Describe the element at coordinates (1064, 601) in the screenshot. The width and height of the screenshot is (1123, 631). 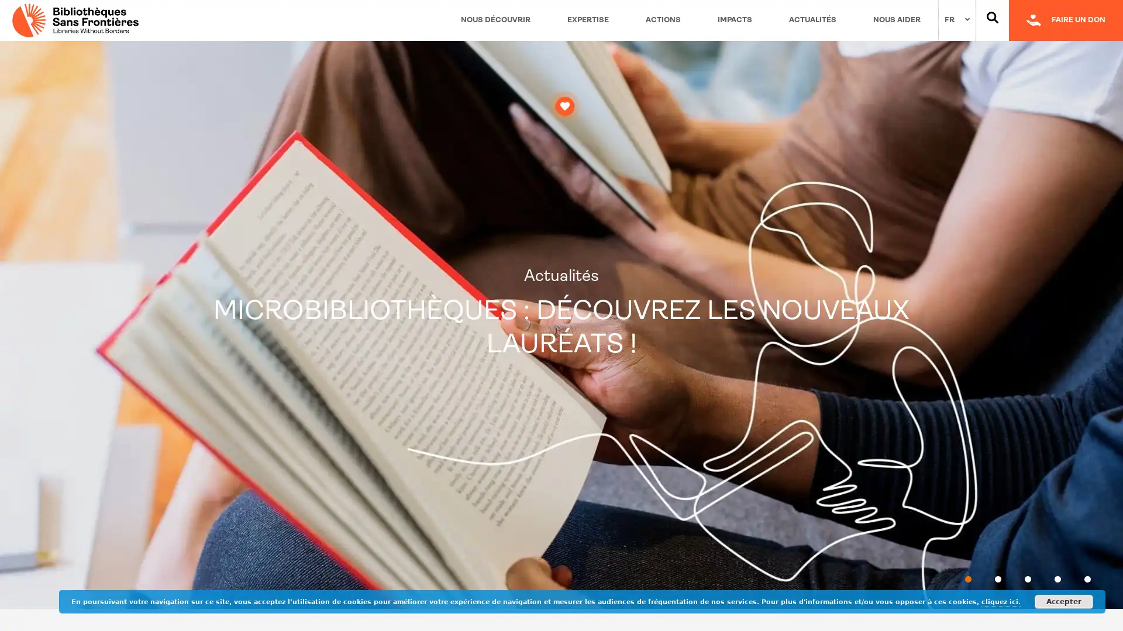
I see `Accepter` at that location.